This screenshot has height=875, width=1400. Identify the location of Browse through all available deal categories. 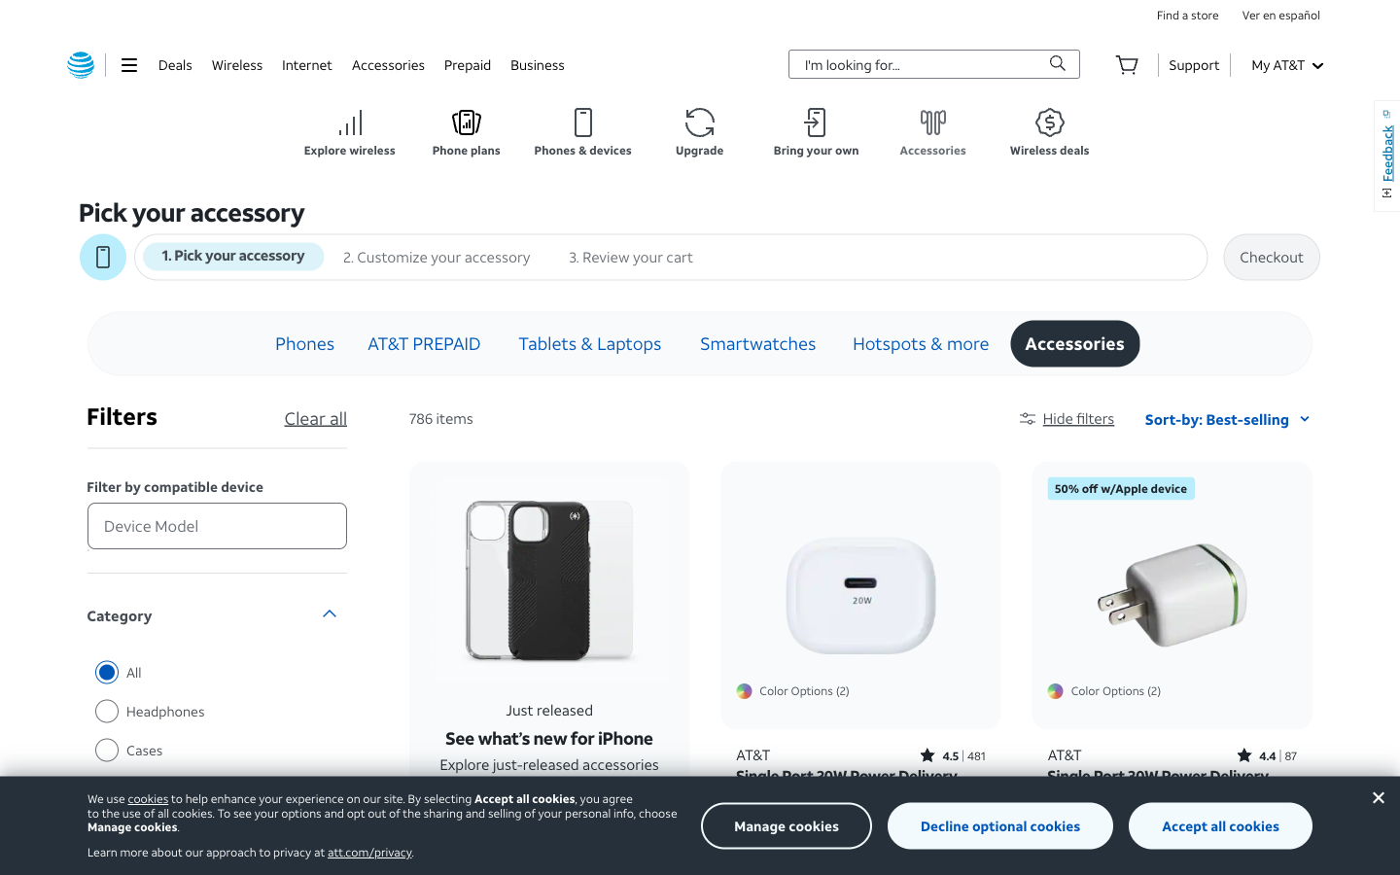
(174, 63).